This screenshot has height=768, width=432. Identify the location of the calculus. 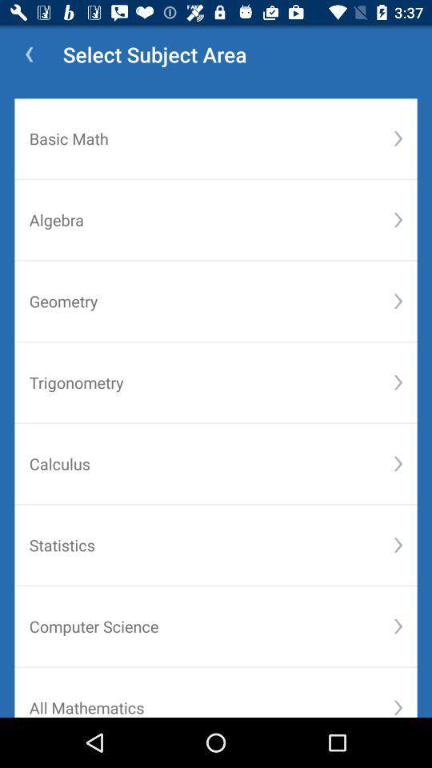
(211, 463).